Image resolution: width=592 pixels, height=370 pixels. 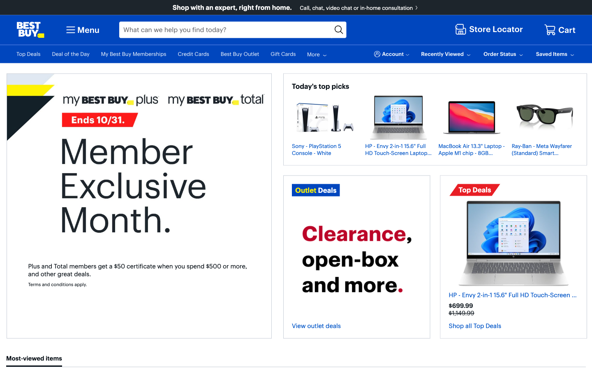 I want to click on Inspect the current status of the latest order, so click(x=504, y=54).